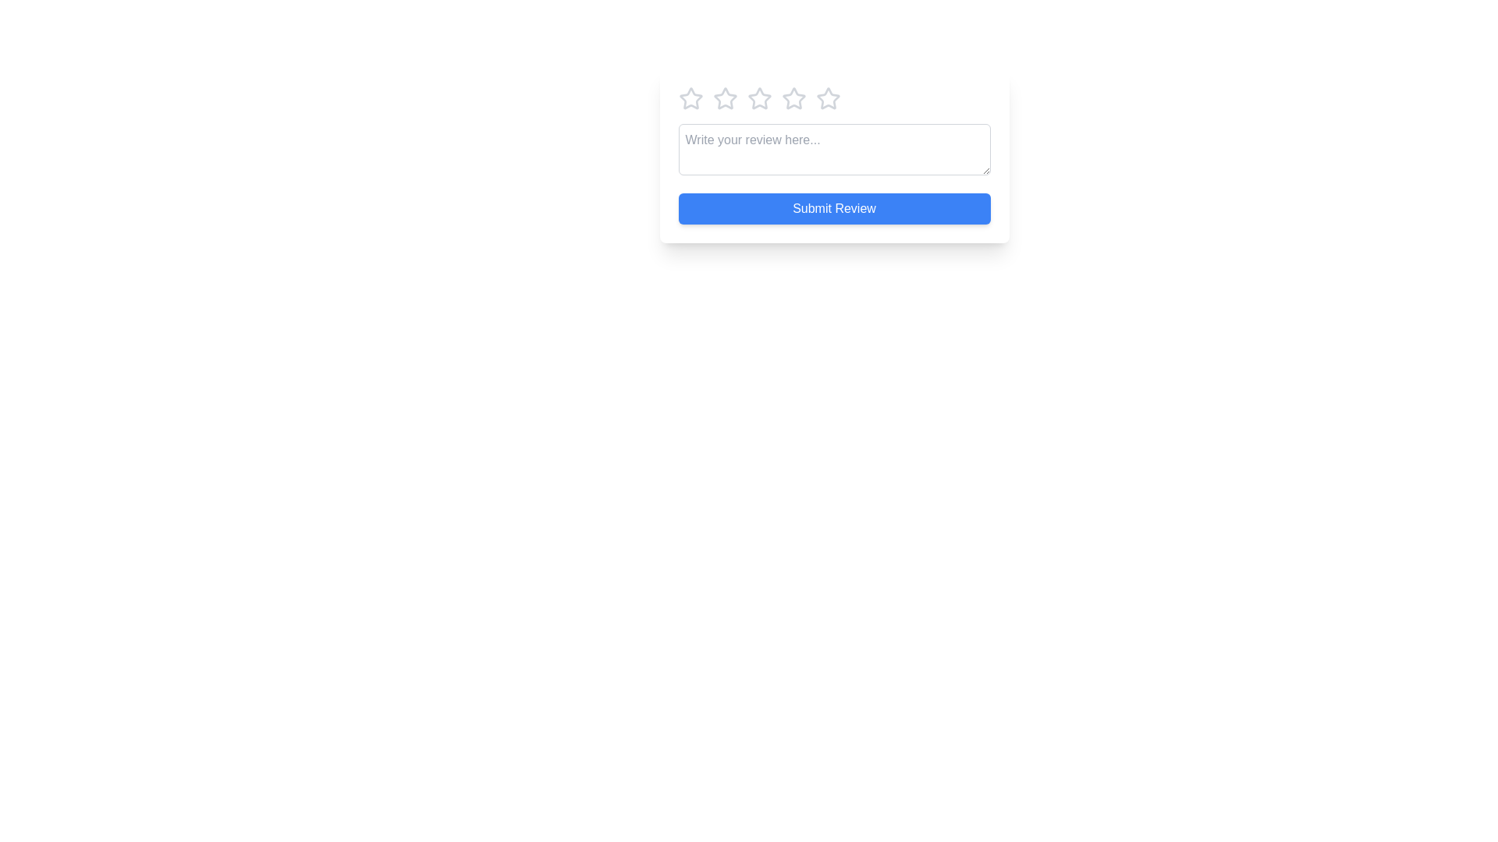 This screenshot has height=842, width=1498. What do you see at coordinates (759, 98) in the screenshot?
I see `the second star in the rating selector to assign a rating of 2 out of 5` at bounding box center [759, 98].